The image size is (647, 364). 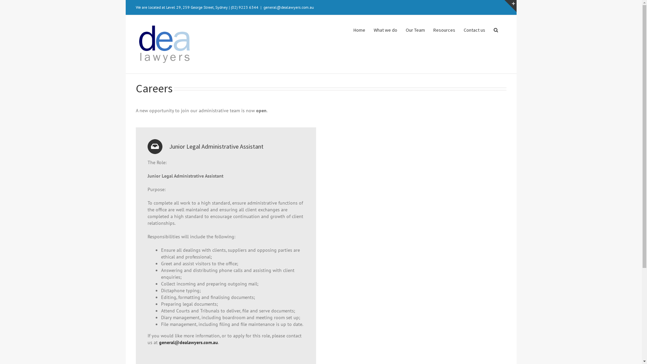 What do you see at coordinates (359, 29) in the screenshot?
I see `'Home'` at bounding box center [359, 29].